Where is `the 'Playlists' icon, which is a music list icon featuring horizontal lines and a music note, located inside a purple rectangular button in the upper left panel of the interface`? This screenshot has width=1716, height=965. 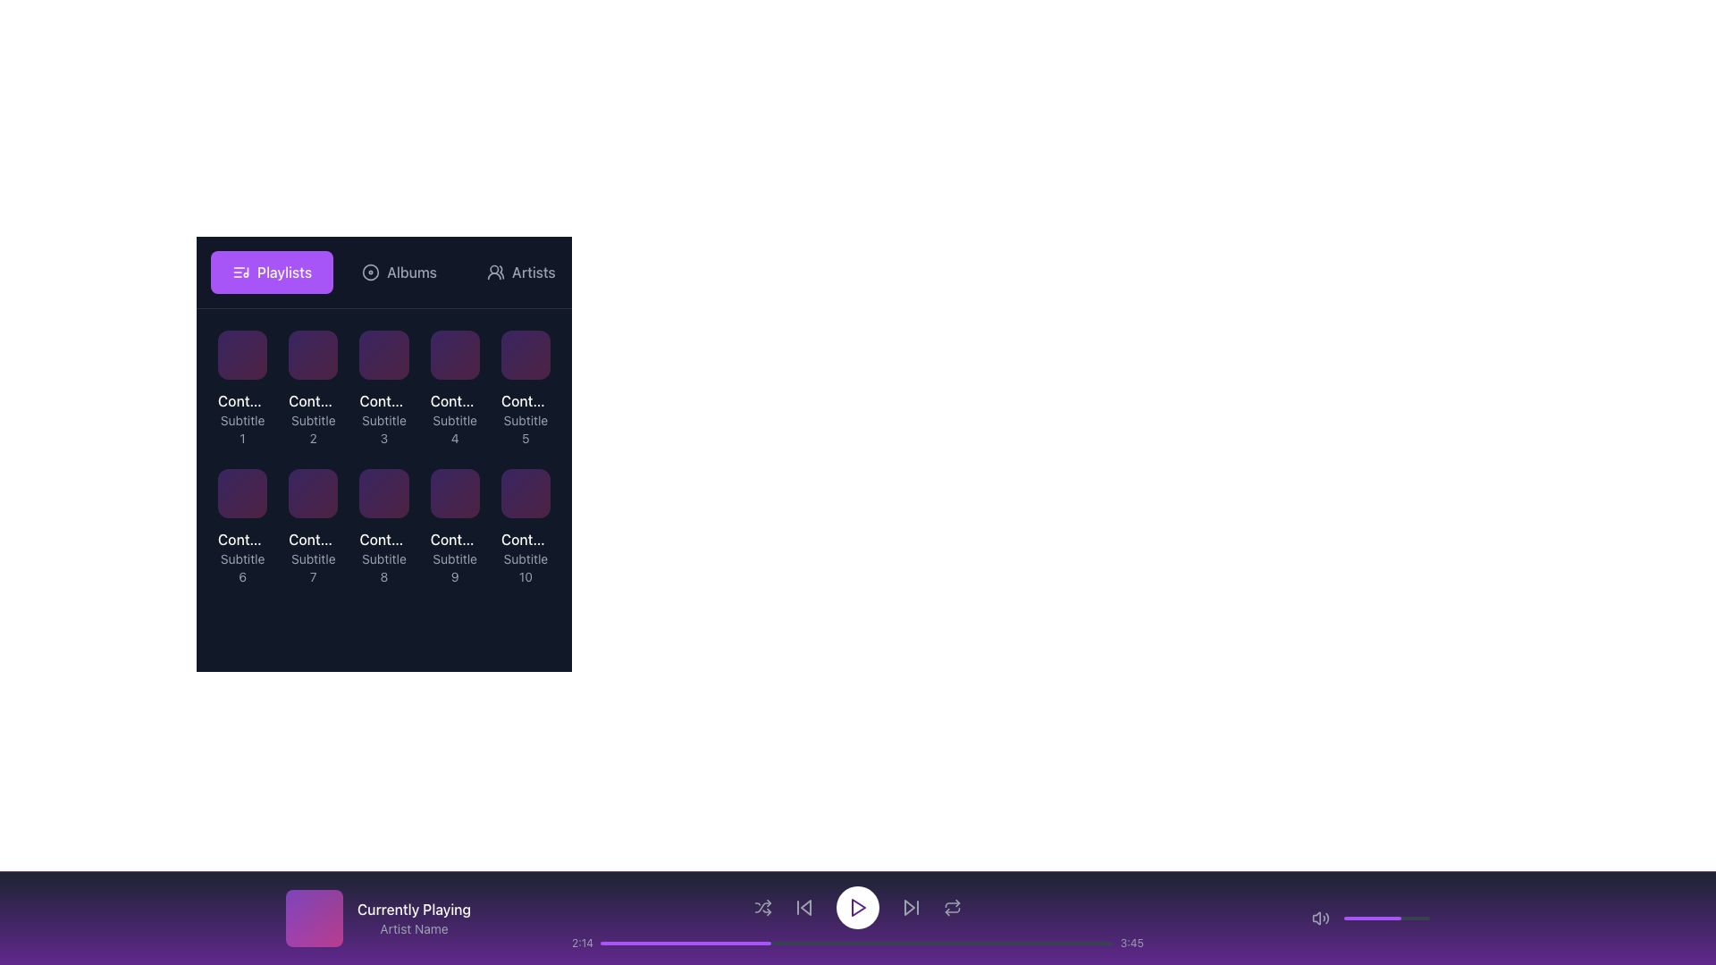 the 'Playlists' icon, which is a music list icon featuring horizontal lines and a music note, located inside a purple rectangular button in the upper left panel of the interface is located at coordinates (240, 272).